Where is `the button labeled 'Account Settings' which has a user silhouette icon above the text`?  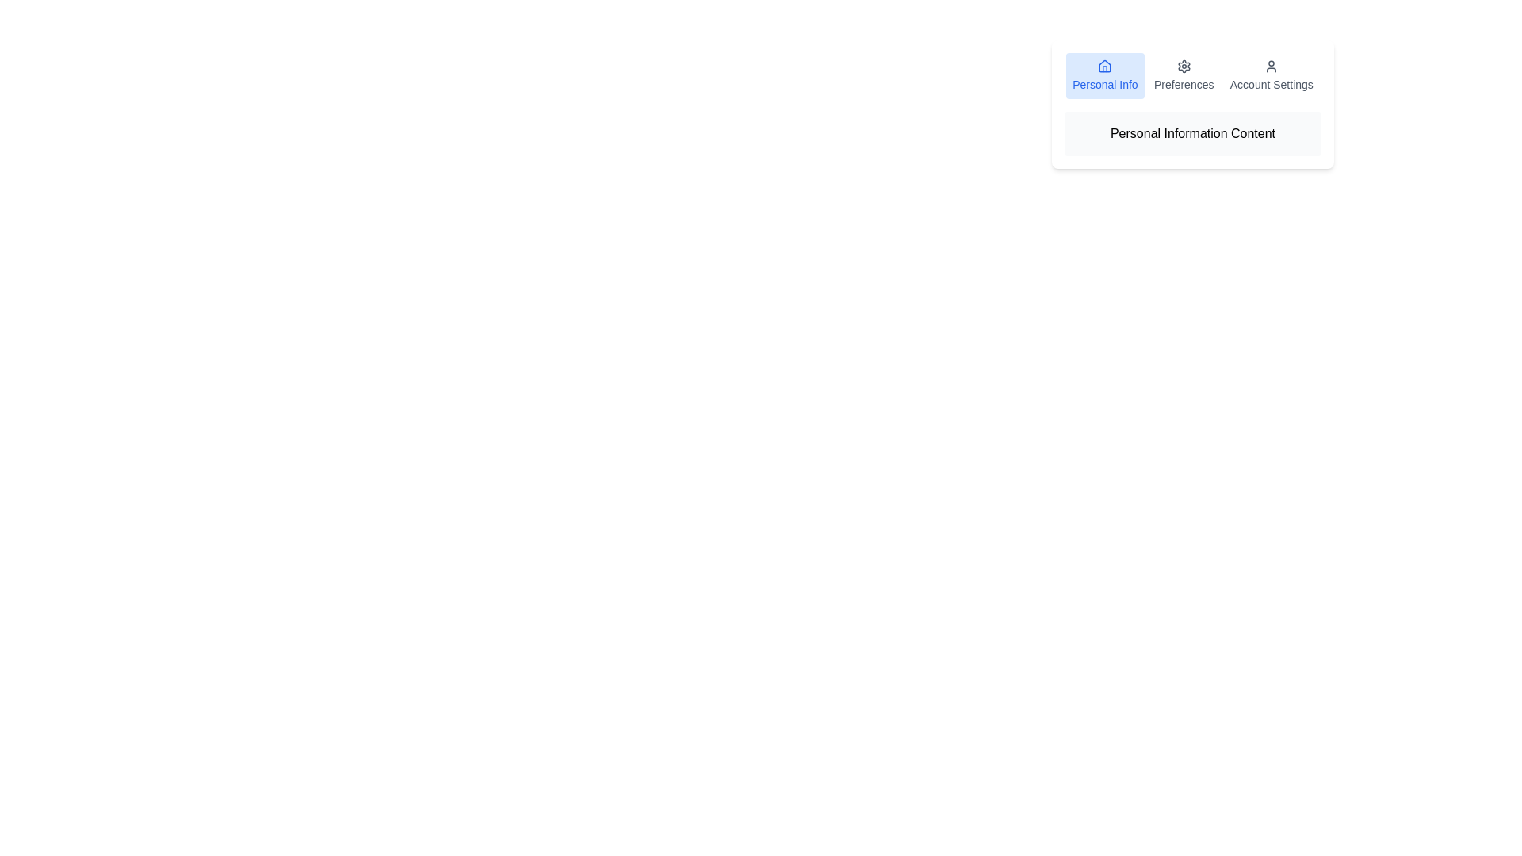
the button labeled 'Account Settings' which has a user silhouette icon above the text is located at coordinates (1272, 76).